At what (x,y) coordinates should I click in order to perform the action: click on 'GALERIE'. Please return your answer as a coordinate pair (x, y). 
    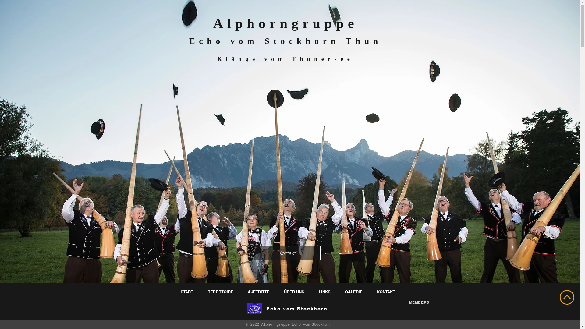
    Looking at the image, I should click on (338, 292).